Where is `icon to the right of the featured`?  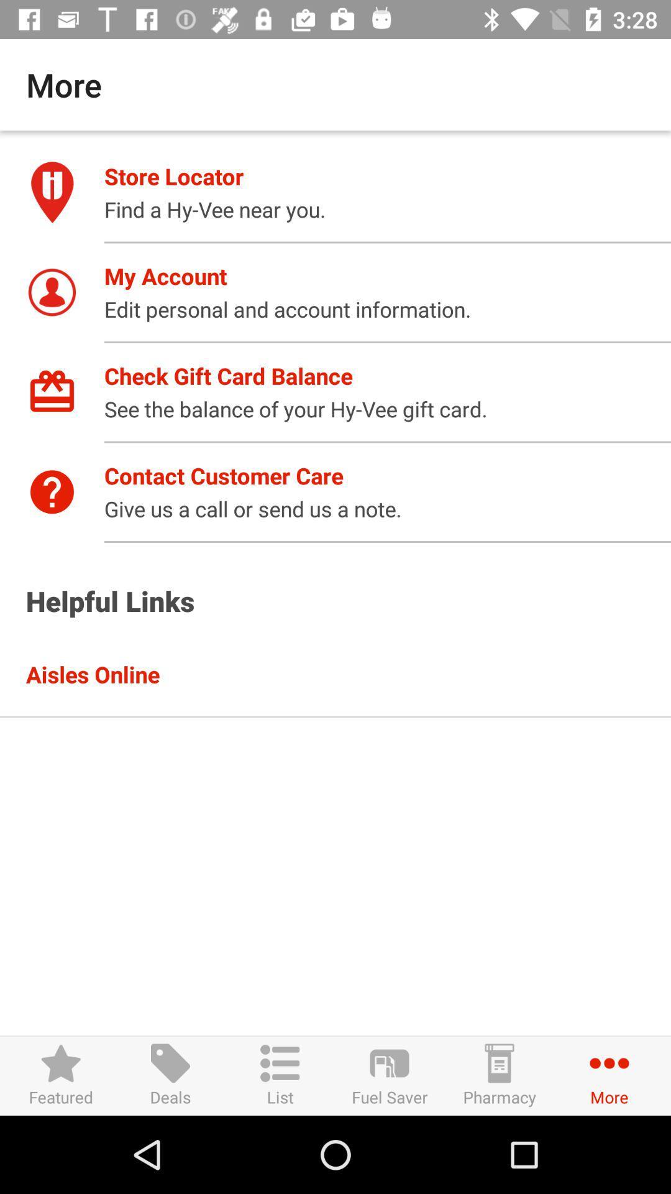
icon to the right of the featured is located at coordinates (170, 1075).